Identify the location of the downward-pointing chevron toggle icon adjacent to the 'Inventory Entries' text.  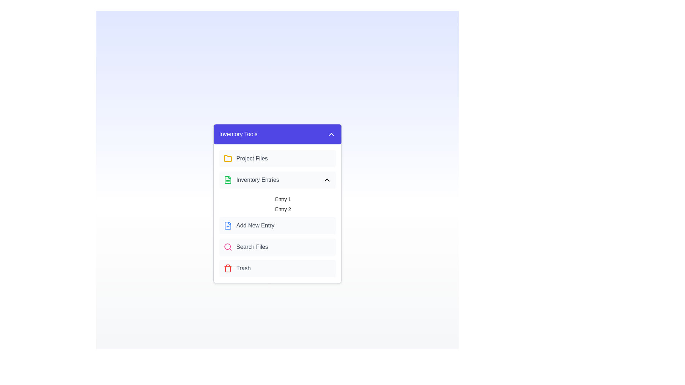
(326, 180).